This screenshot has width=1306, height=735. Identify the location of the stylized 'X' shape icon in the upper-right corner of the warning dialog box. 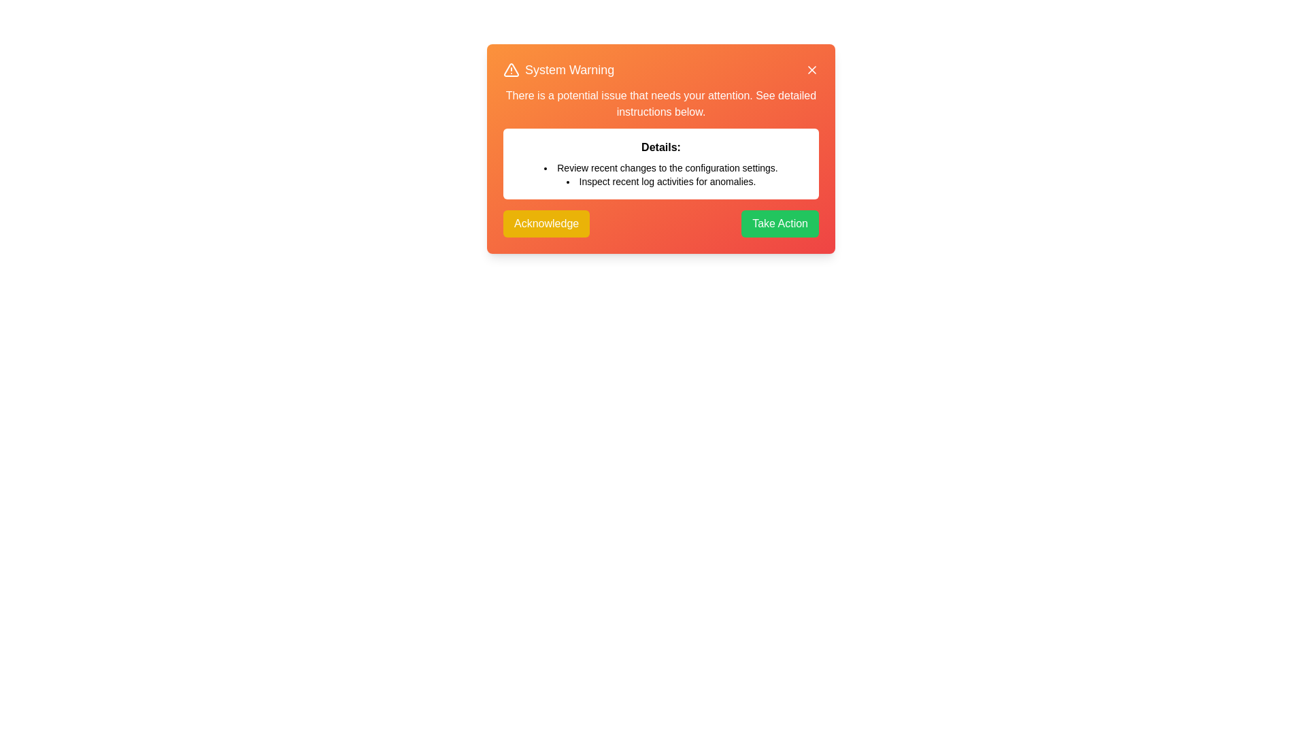
(812, 70).